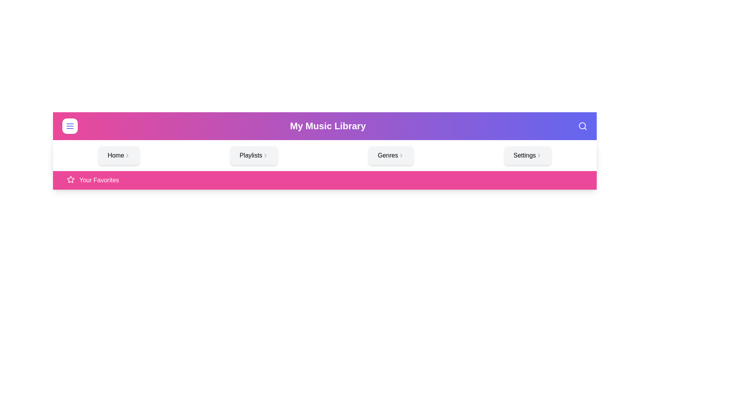  What do you see at coordinates (583, 126) in the screenshot?
I see `the search icon in the app bar` at bounding box center [583, 126].